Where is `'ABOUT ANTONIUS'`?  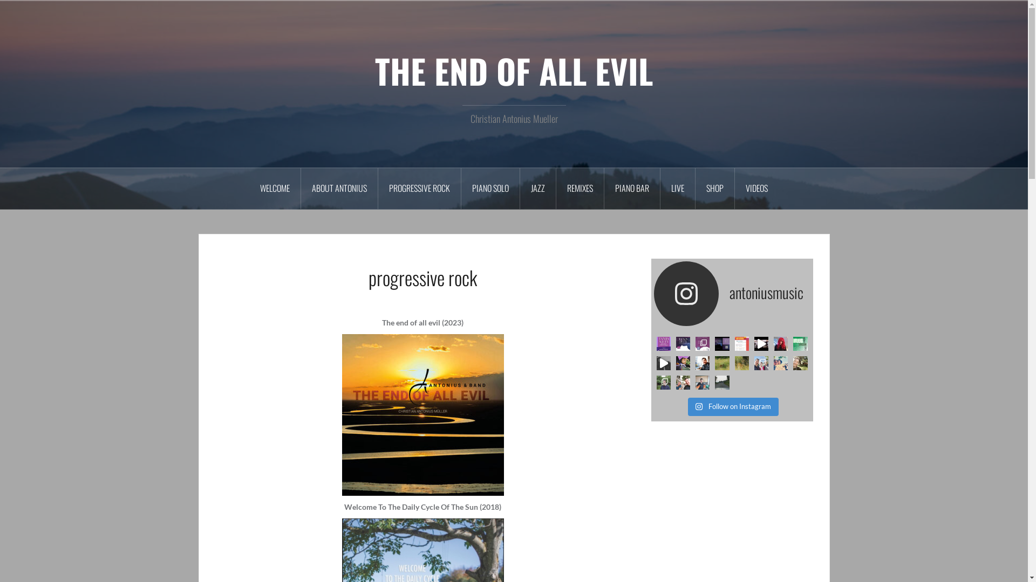 'ABOUT ANTONIUS' is located at coordinates (339, 188).